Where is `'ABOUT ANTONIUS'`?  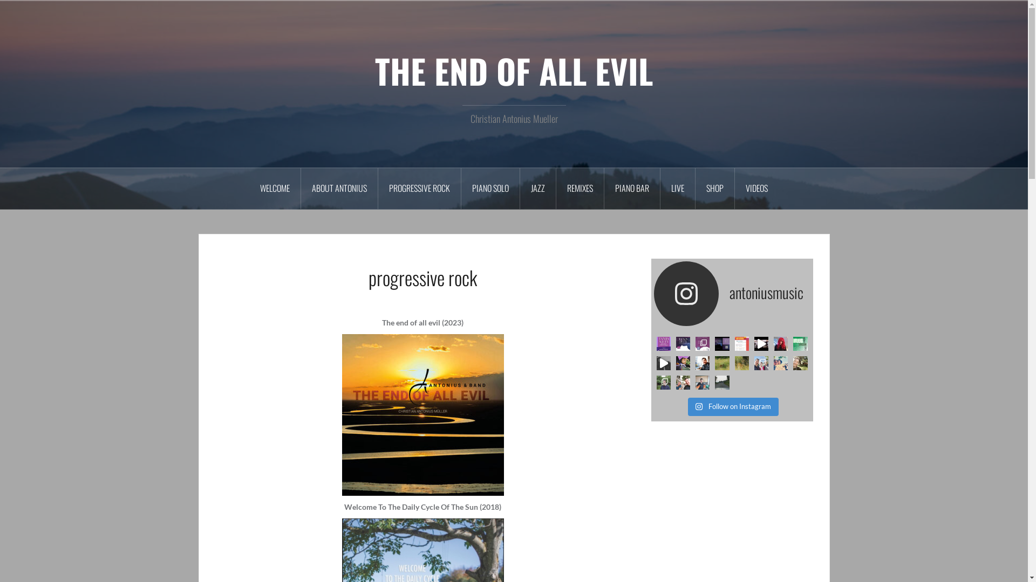 'ABOUT ANTONIUS' is located at coordinates (339, 188).